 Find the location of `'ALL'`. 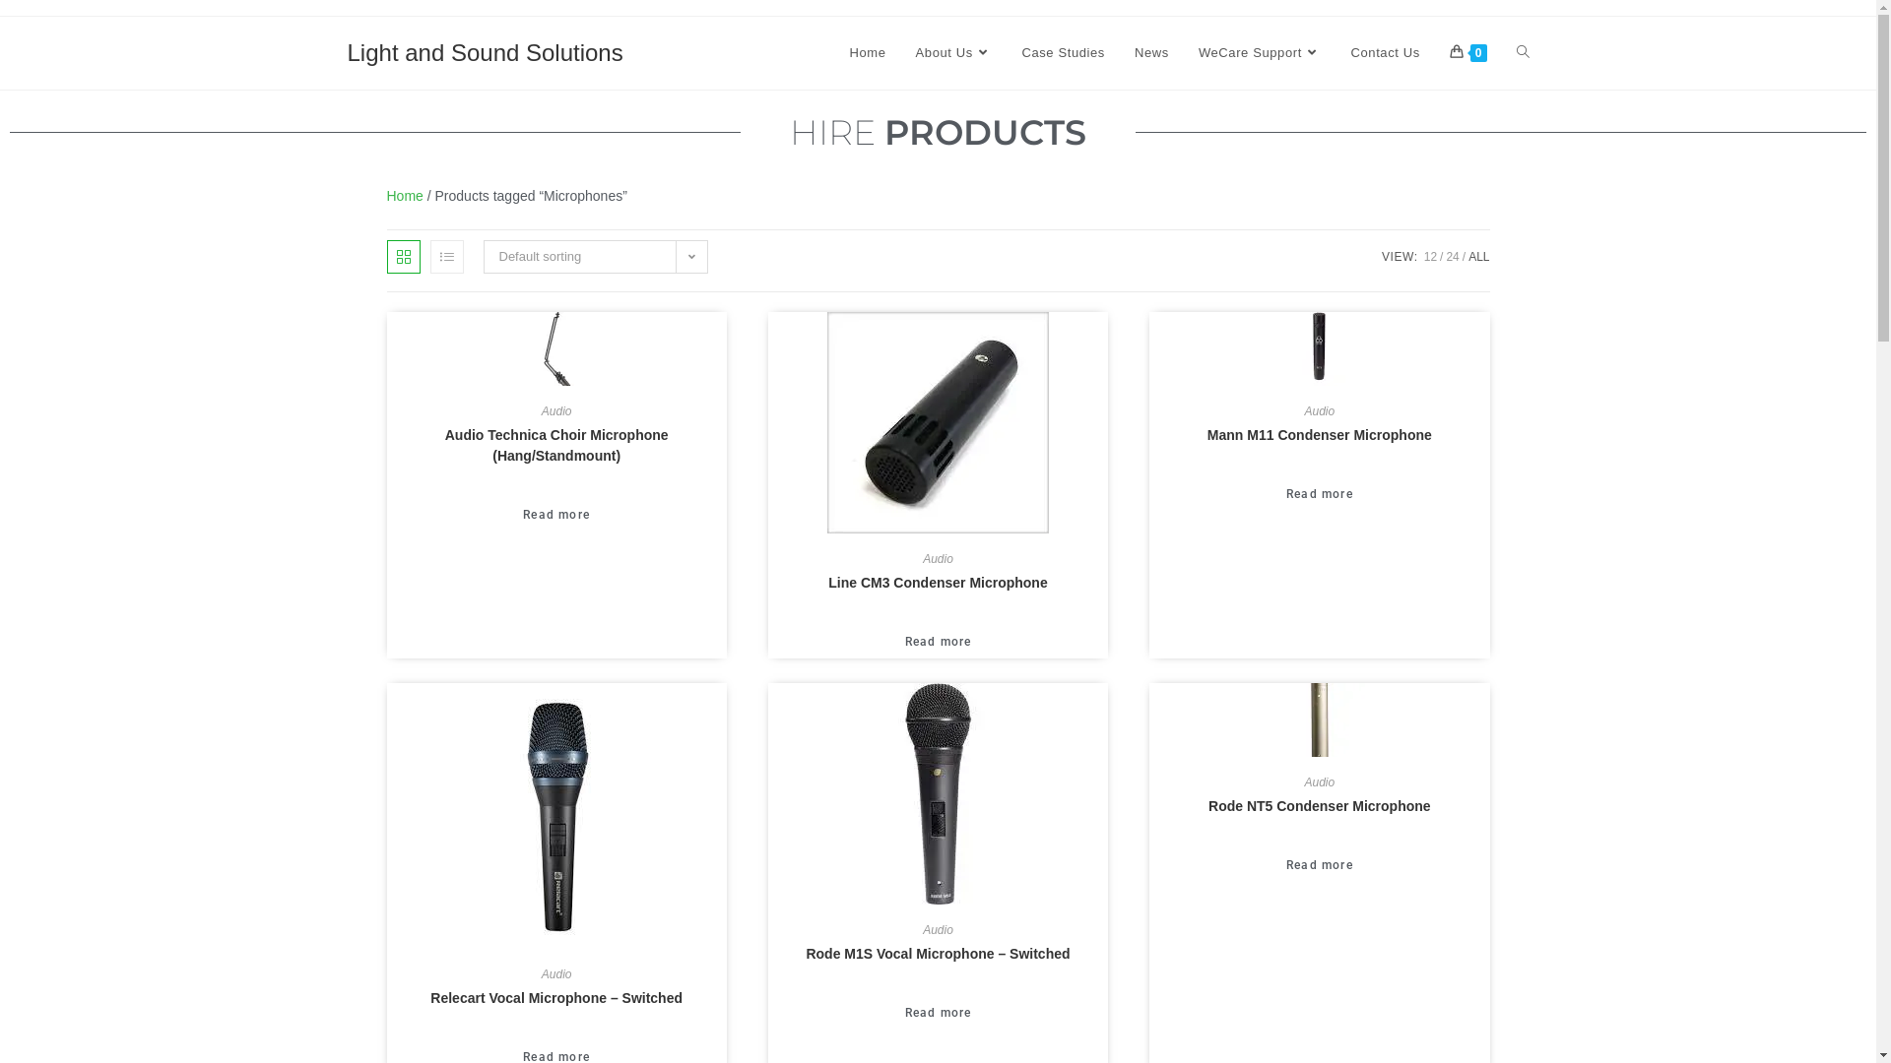

'ALL' is located at coordinates (1478, 256).